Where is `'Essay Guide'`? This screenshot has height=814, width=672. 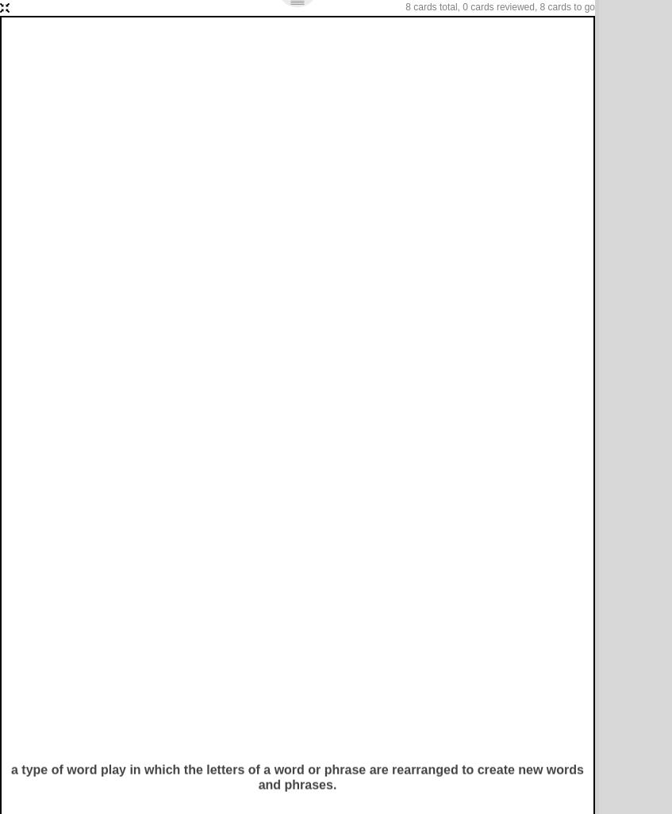 'Essay Guide' is located at coordinates (125, 101).